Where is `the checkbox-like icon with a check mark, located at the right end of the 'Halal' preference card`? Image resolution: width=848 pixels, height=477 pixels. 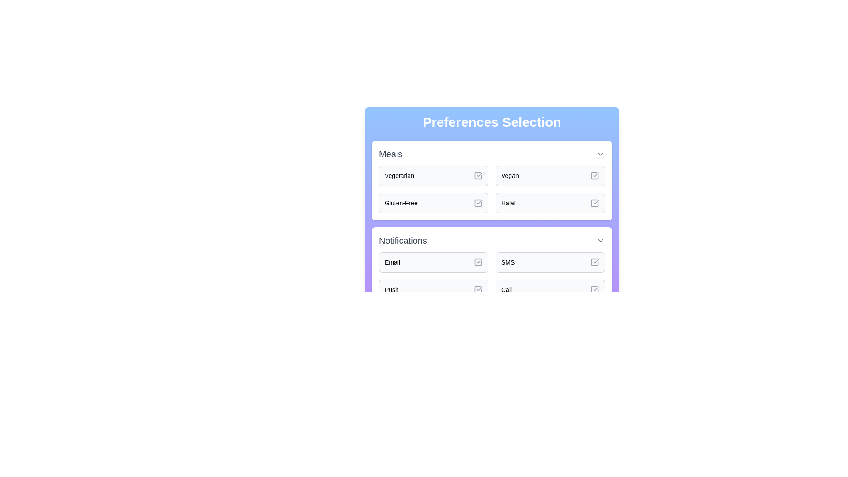
the checkbox-like icon with a check mark, located at the right end of the 'Halal' preference card is located at coordinates (595, 203).